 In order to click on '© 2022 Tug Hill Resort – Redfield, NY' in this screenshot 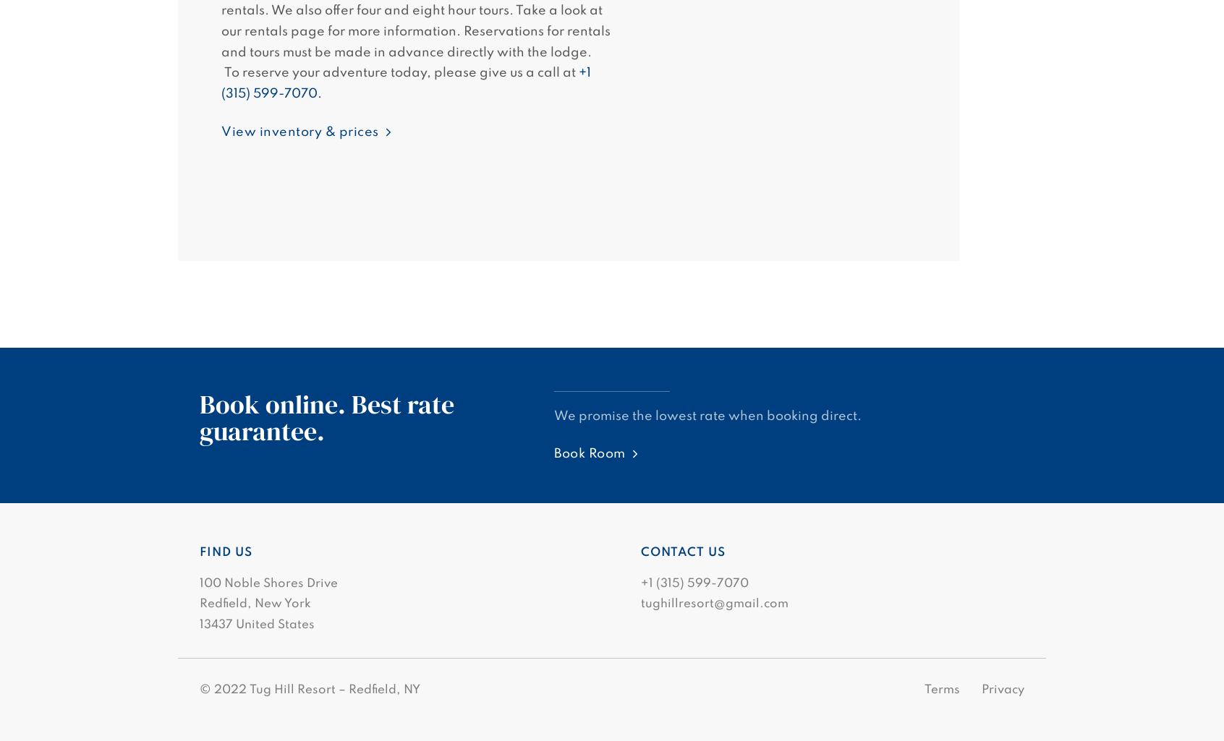, I will do `click(309, 690)`.